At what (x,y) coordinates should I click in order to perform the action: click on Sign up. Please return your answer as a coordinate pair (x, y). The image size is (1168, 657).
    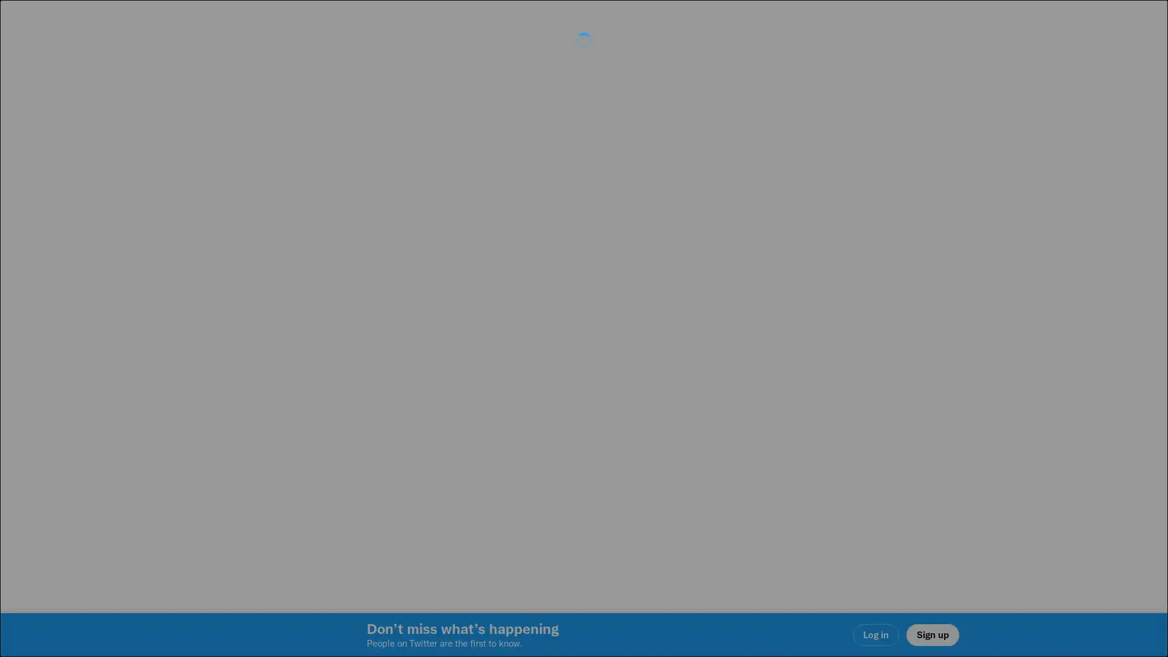
    Looking at the image, I should click on (439, 414).